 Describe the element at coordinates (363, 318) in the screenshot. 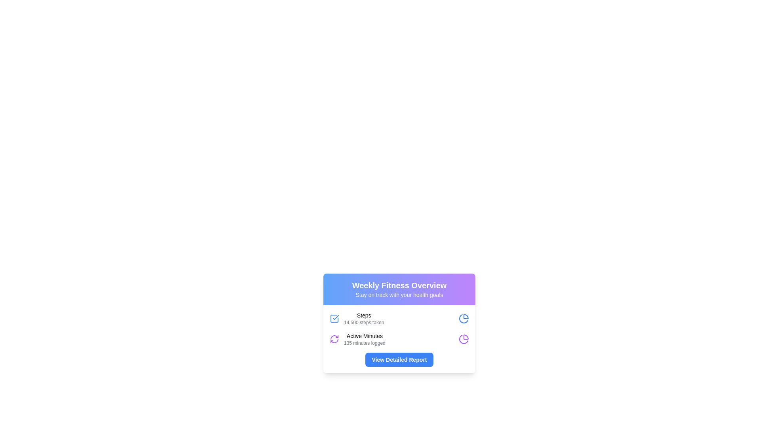

I see `text from the 'Steps' label in the Weekly Fitness Overview card, which shows 'Steps' and '14,500 steps taken'` at that location.